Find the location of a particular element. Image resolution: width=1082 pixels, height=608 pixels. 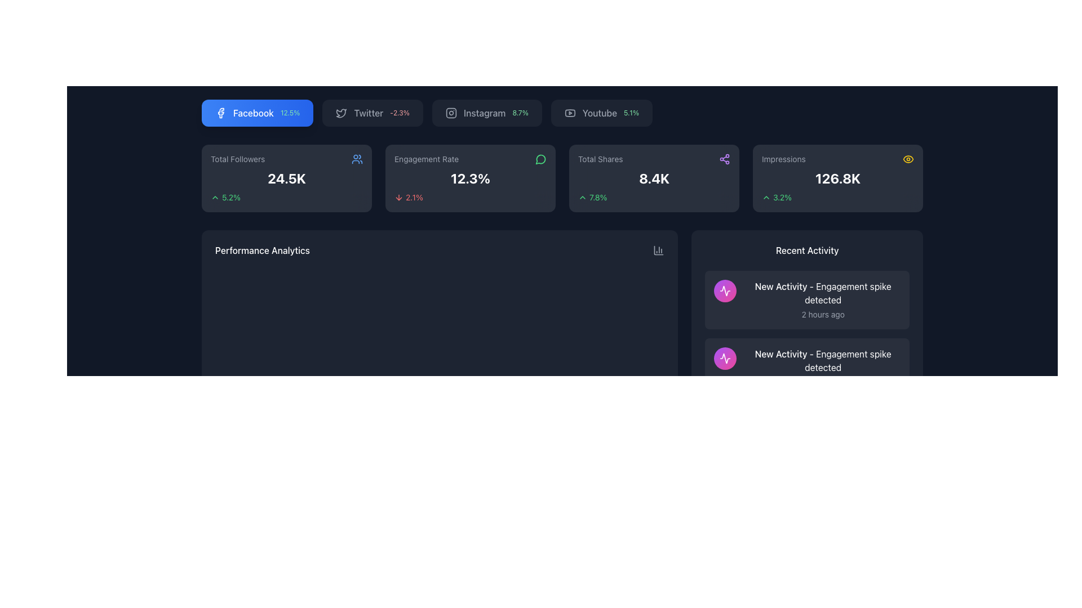

the highlighted title or summary of the activity in the Recent Activity section, located at the top of the first activity card, preceding the text 'Engagement spike detected' is located at coordinates (781, 286).